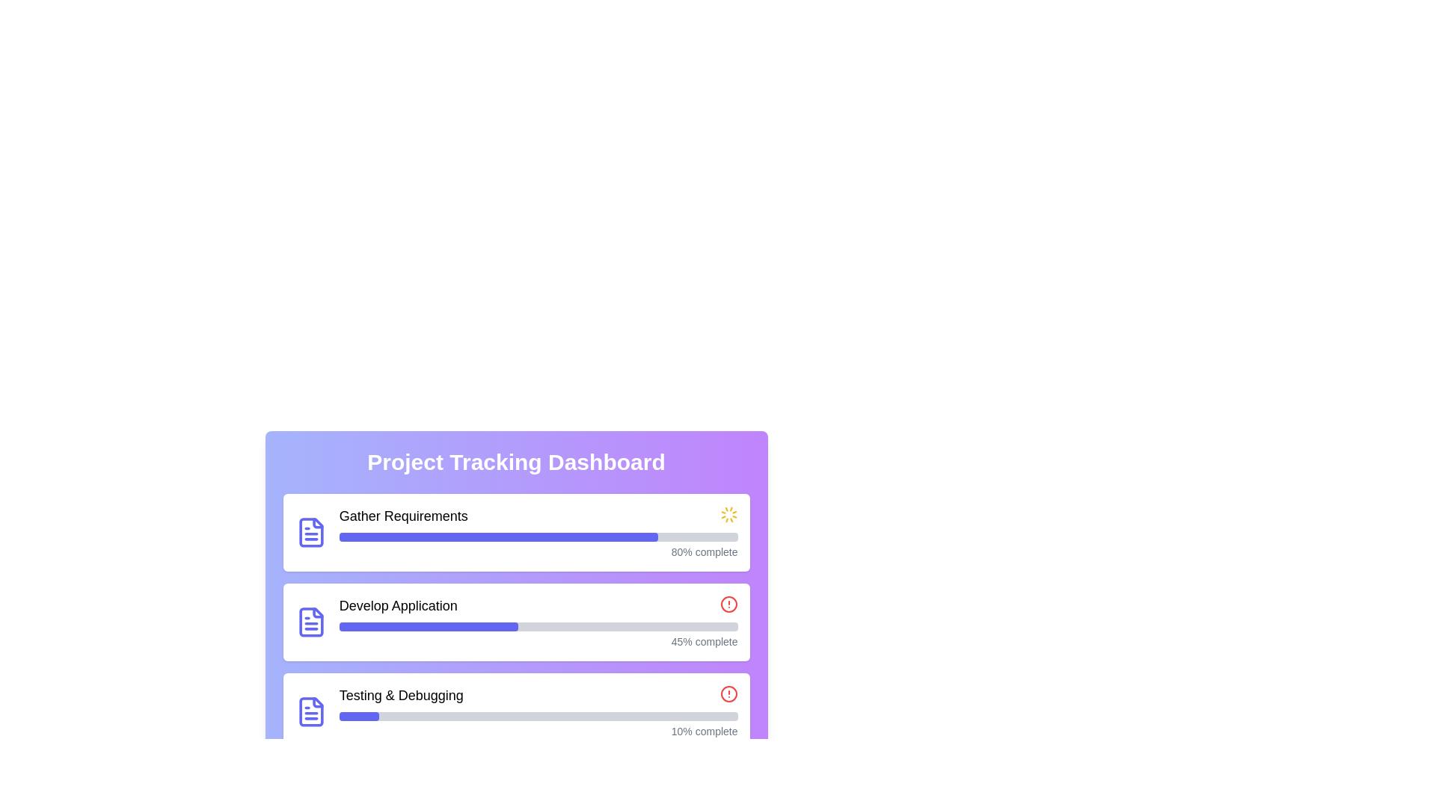  I want to click on the progress bar indicator in the 'Develop Application' section of the project tracking dashboard for interaction, so click(428, 627).